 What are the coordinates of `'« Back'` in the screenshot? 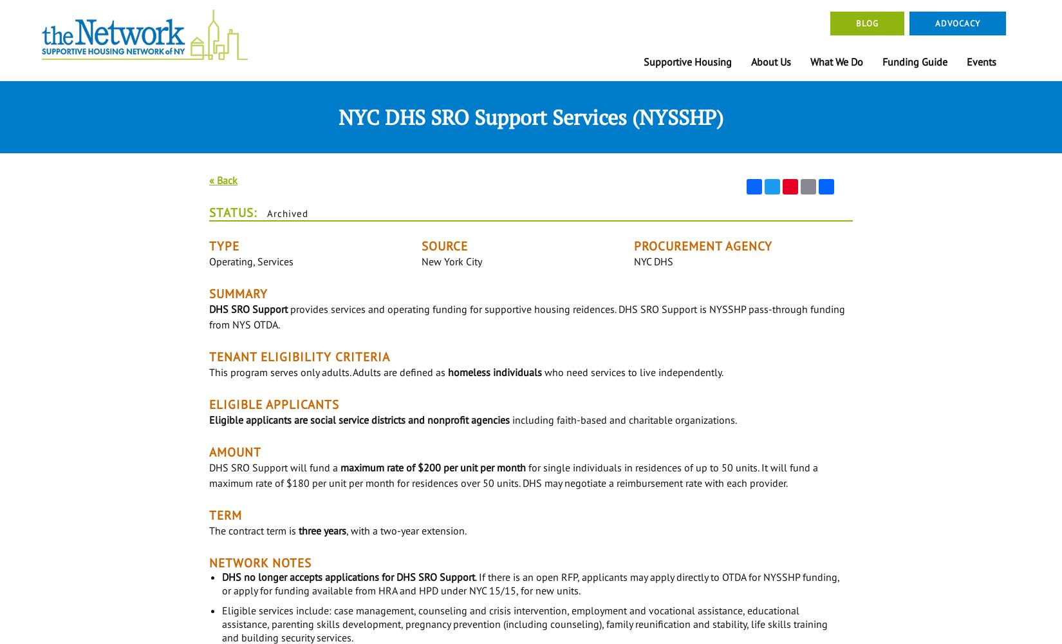 It's located at (223, 180).